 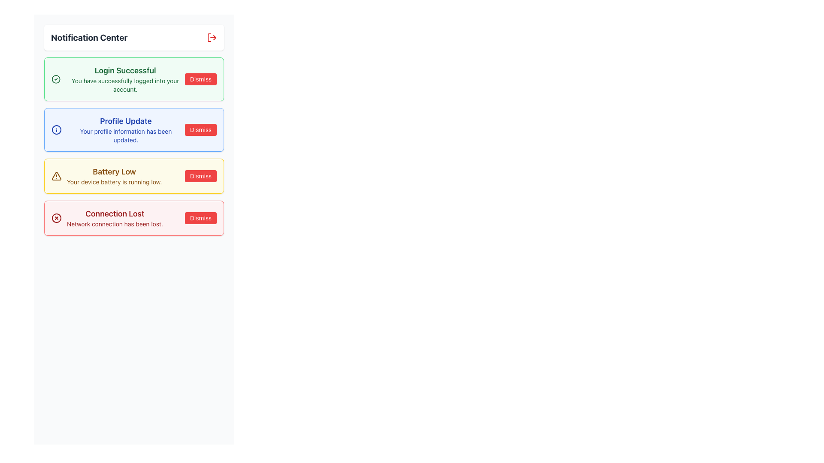 I want to click on the Informational Text element displaying 'Profile Update' in bold blue, which is located in the second notification card of the notification center panel, so click(x=125, y=130).